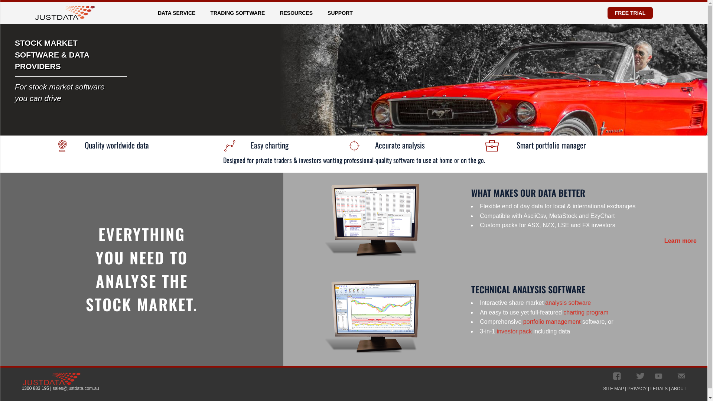 The width and height of the screenshot is (713, 401). I want to click on 'JustData's Facebook Page', so click(617, 376).